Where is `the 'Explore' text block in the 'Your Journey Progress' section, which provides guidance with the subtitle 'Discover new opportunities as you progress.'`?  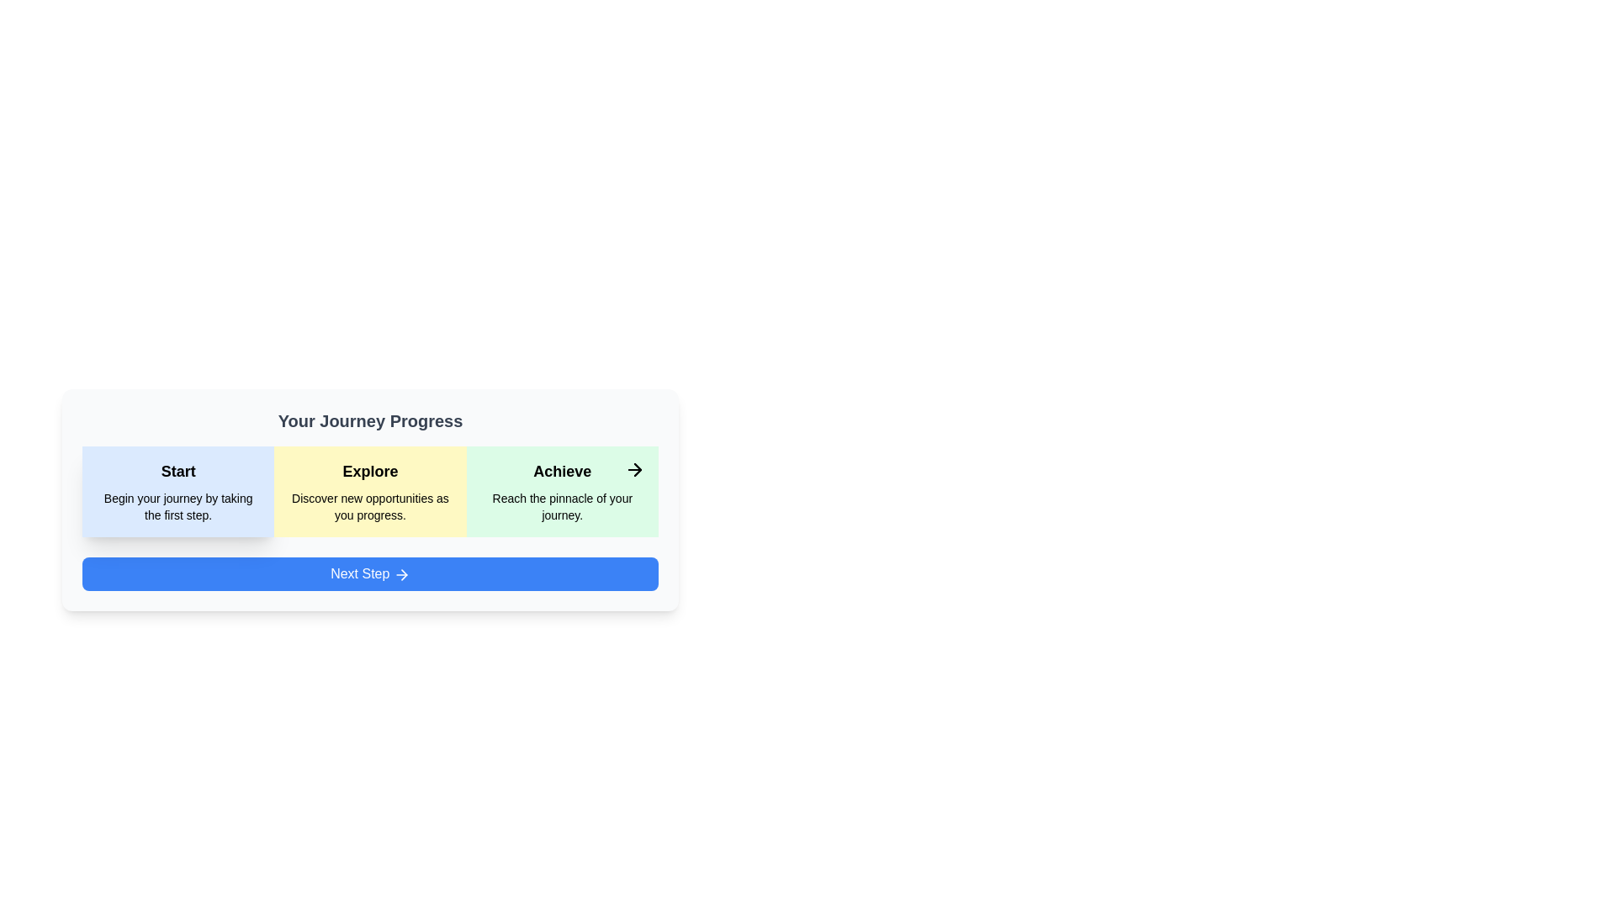
the 'Explore' text block in the 'Your Journey Progress' section, which provides guidance with the subtitle 'Discover new opportunities as you progress.' is located at coordinates (369, 492).